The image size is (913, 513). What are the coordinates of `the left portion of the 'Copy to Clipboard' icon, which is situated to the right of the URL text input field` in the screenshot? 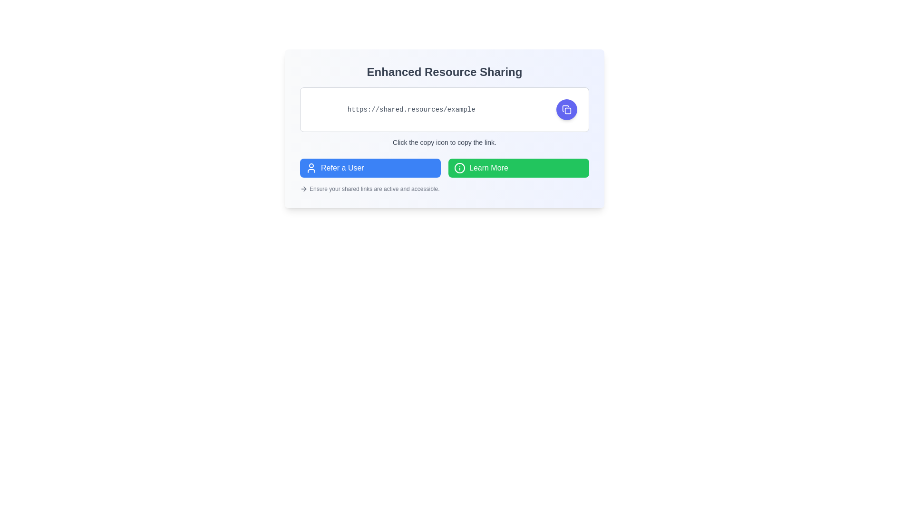 It's located at (565, 108).